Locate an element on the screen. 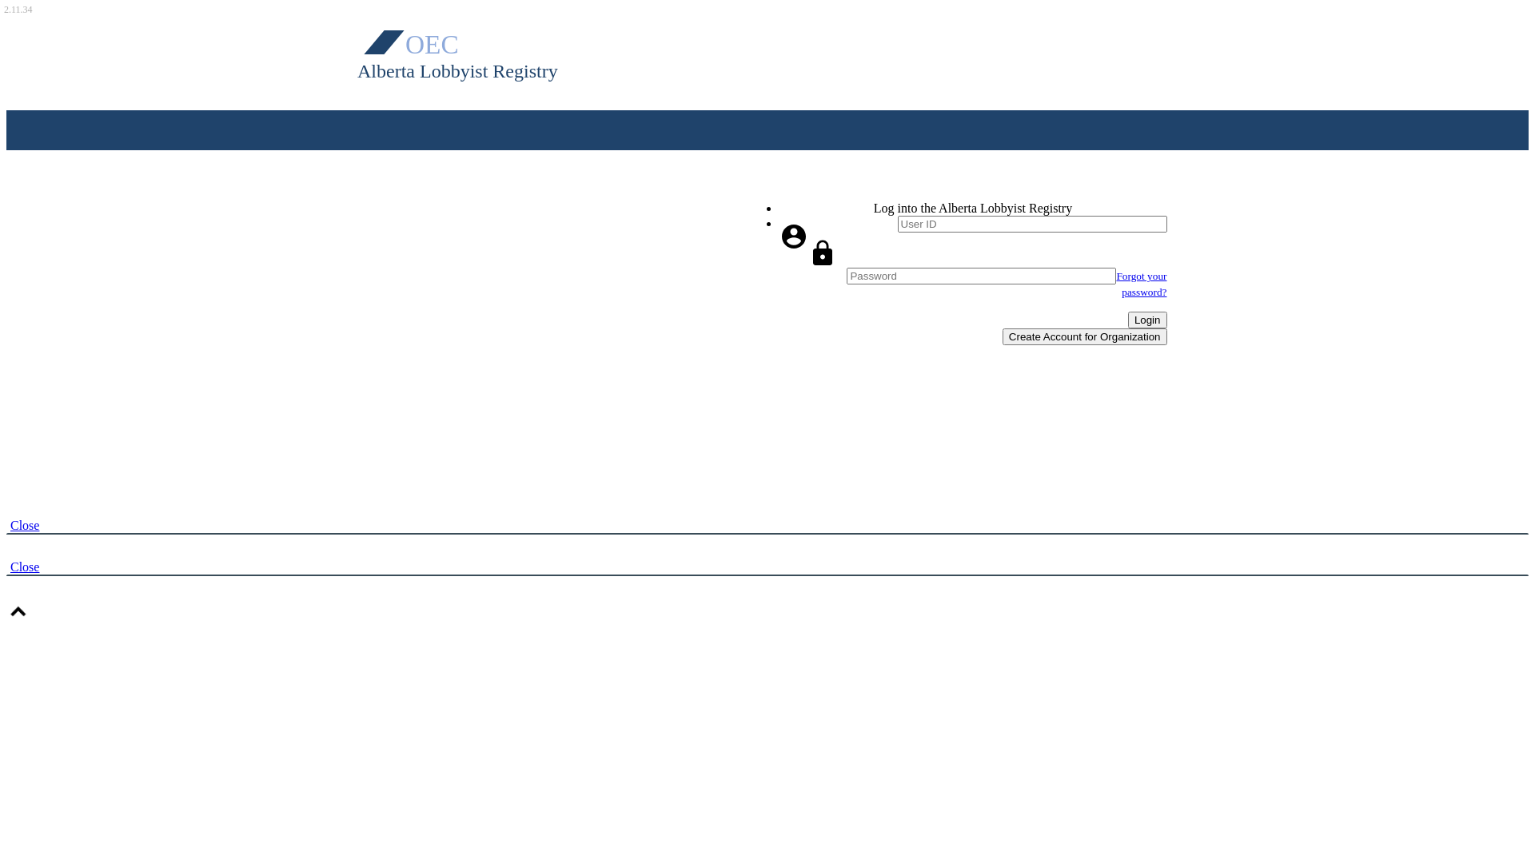 This screenshot has height=863, width=1535. 'Enter your User ID.' is located at coordinates (1031, 224).